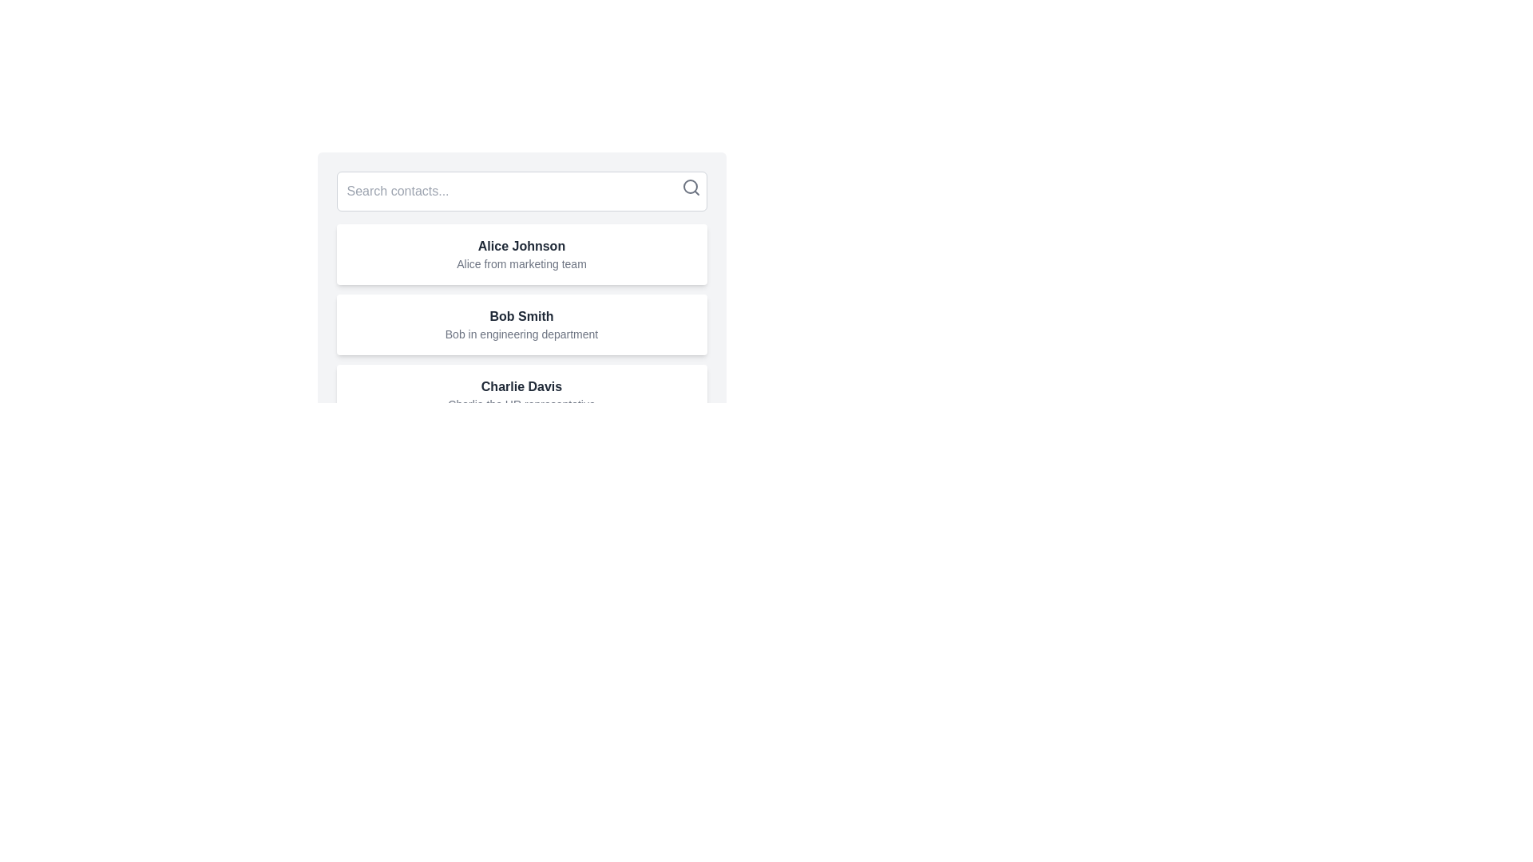  Describe the element at coordinates (521, 263) in the screenshot. I see `the small text string reading 'Alice from marketing team' styled in light gray, located directly below 'Alice Johnson' in the first card of the vertical list` at that location.